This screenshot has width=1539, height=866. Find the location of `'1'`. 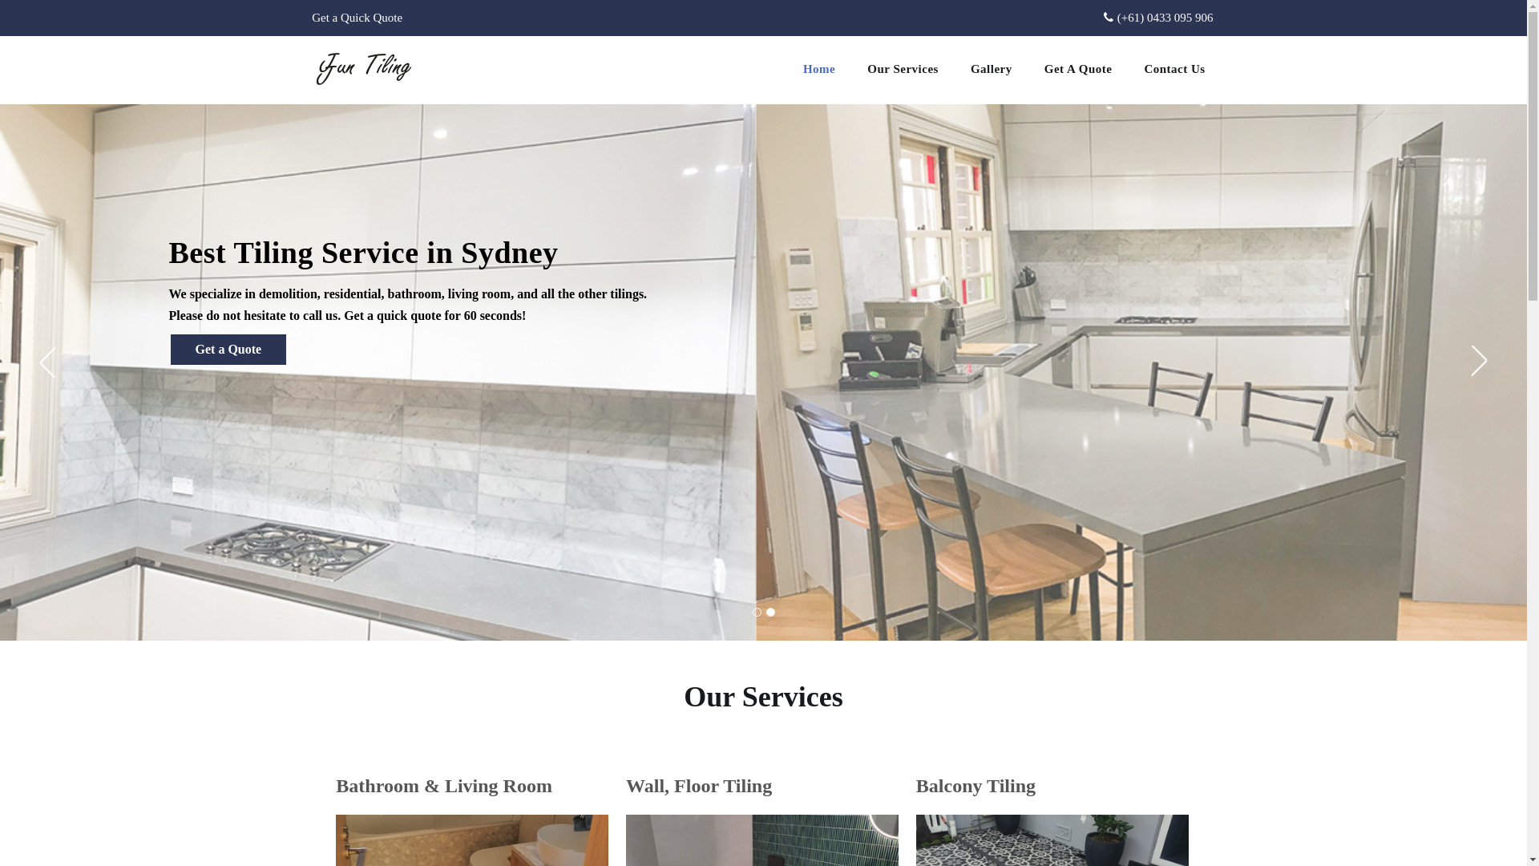

'1' is located at coordinates (755, 612).